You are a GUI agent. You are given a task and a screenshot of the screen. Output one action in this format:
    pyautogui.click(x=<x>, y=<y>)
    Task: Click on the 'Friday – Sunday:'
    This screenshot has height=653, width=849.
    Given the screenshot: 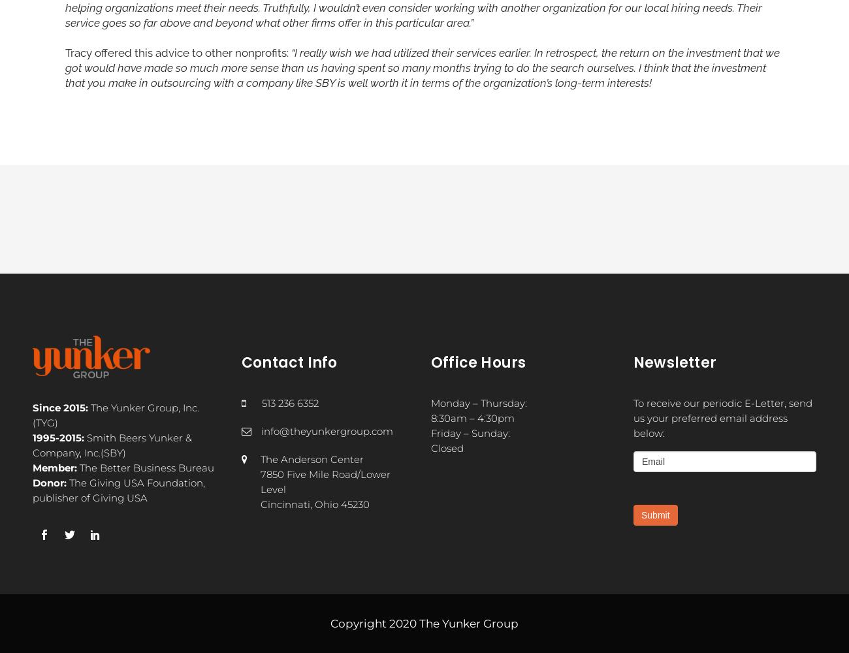 What is the action you would take?
    pyautogui.click(x=430, y=432)
    